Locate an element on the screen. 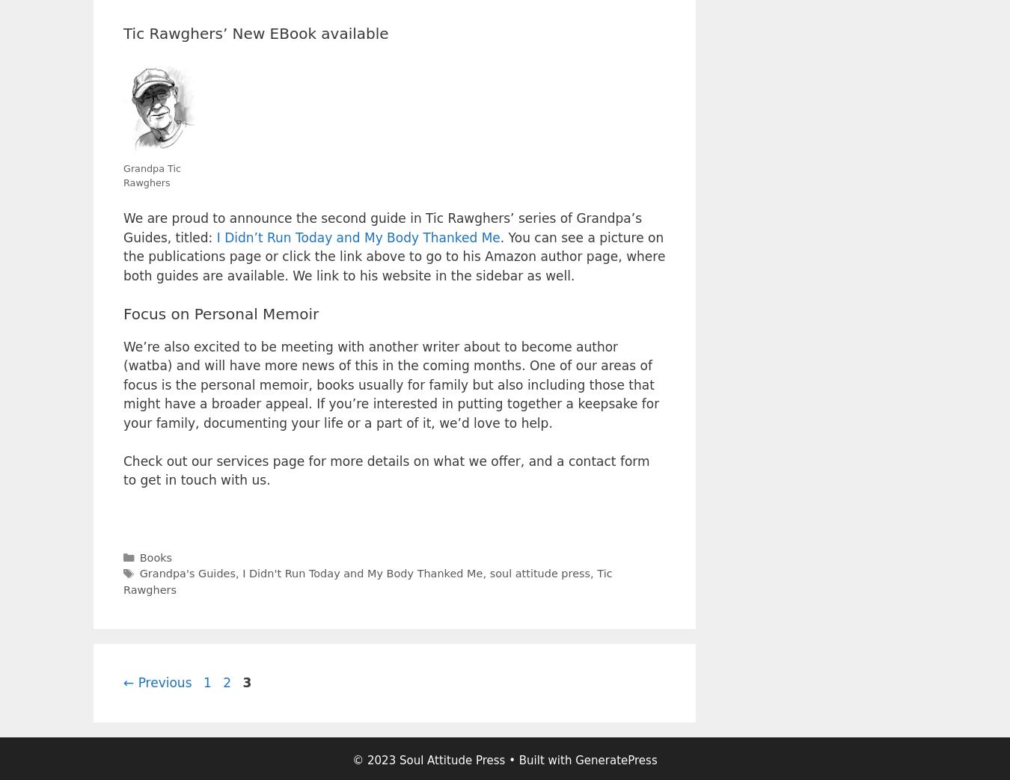 Image resolution: width=1010 pixels, height=780 pixels. '1' is located at coordinates (206, 681).